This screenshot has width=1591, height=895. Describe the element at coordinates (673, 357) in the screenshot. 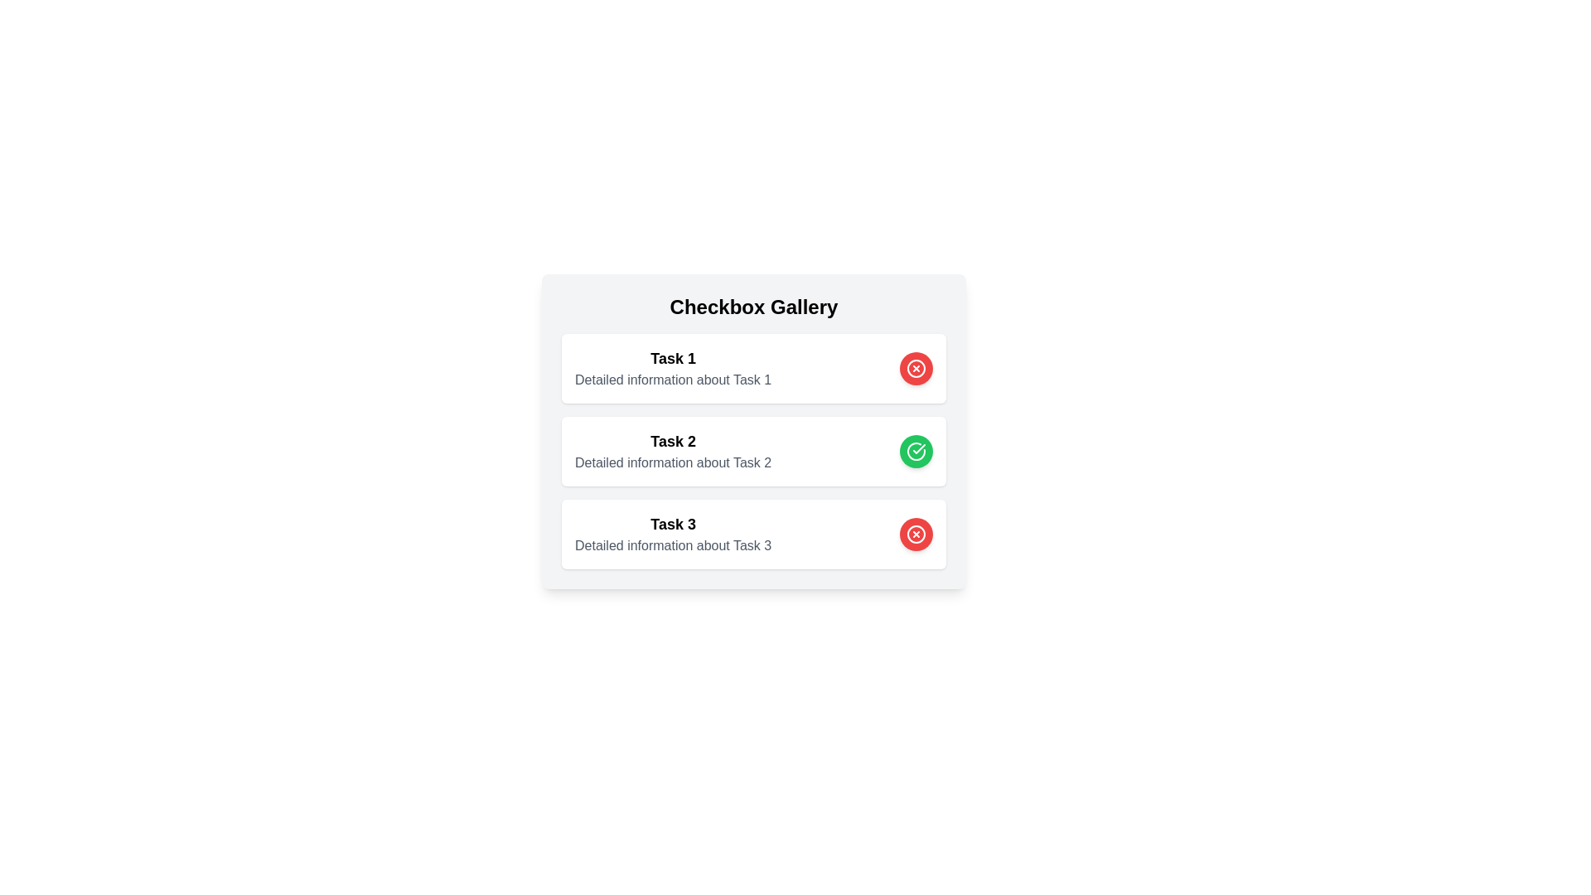

I see `the text of Task 1's name to select it` at that location.